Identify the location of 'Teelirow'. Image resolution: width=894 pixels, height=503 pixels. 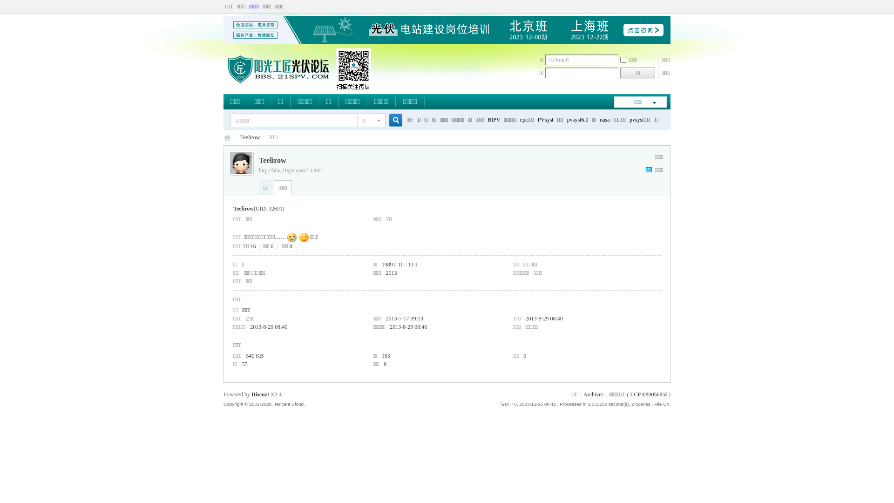
(250, 137).